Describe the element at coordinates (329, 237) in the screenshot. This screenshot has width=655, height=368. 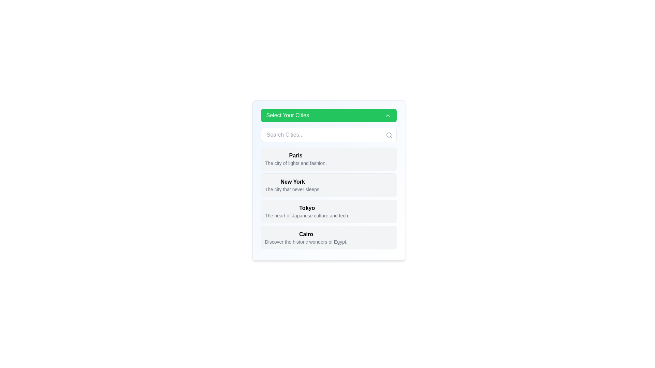
I see `the fourth item in the drop-down menu that selects or highlights 'Cairo'` at that location.